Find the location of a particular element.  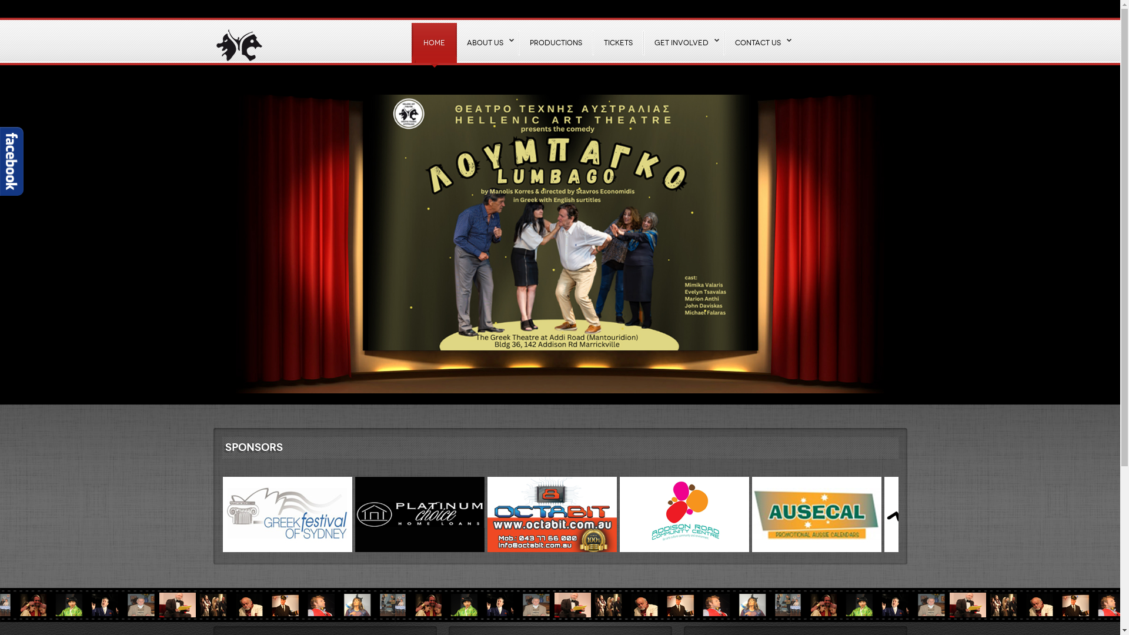

'HOME' is located at coordinates (433, 42).